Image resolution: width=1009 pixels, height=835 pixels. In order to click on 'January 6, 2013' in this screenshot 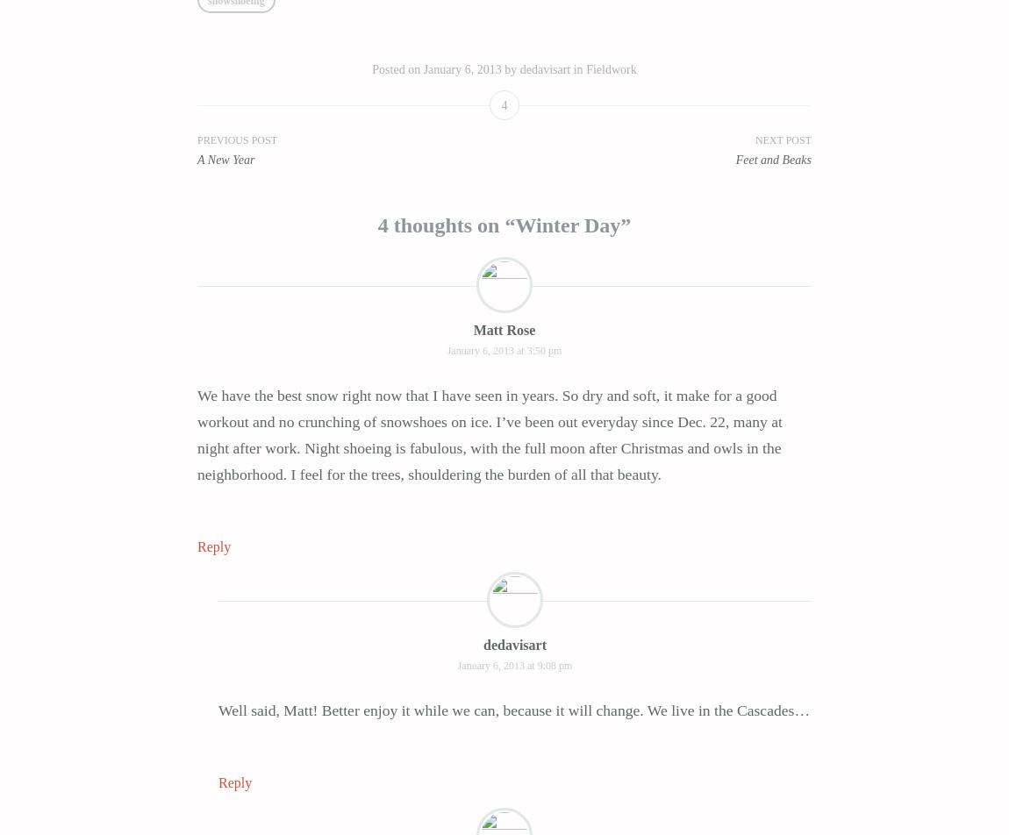, I will do `click(462, 68)`.